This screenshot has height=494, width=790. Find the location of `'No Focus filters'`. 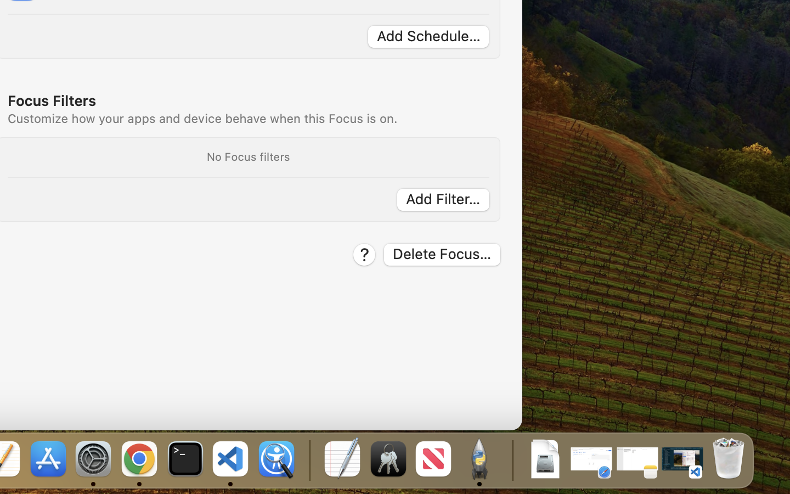

'No Focus filters' is located at coordinates (248, 156).